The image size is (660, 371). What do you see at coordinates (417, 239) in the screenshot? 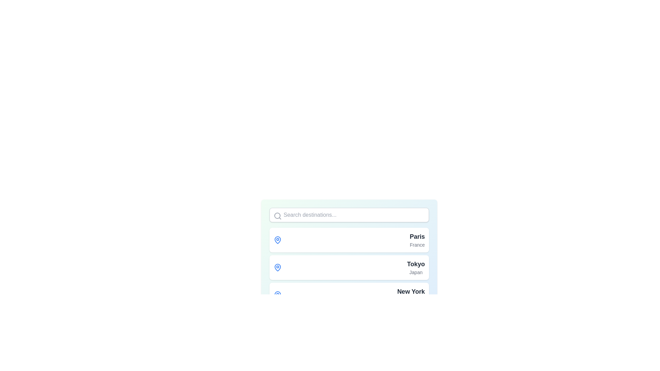
I see `to select the city-country pair text element displaying 'Paris' above 'France', which is centrally aligned in a white background and located in the right portion of the interface` at bounding box center [417, 239].